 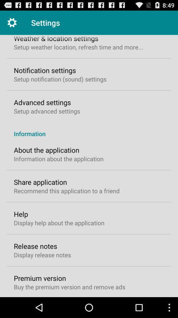 What do you see at coordinates (60, 79) in the screenshot?
I see `the icon below the notification settings` at bounding box center [60, 79].